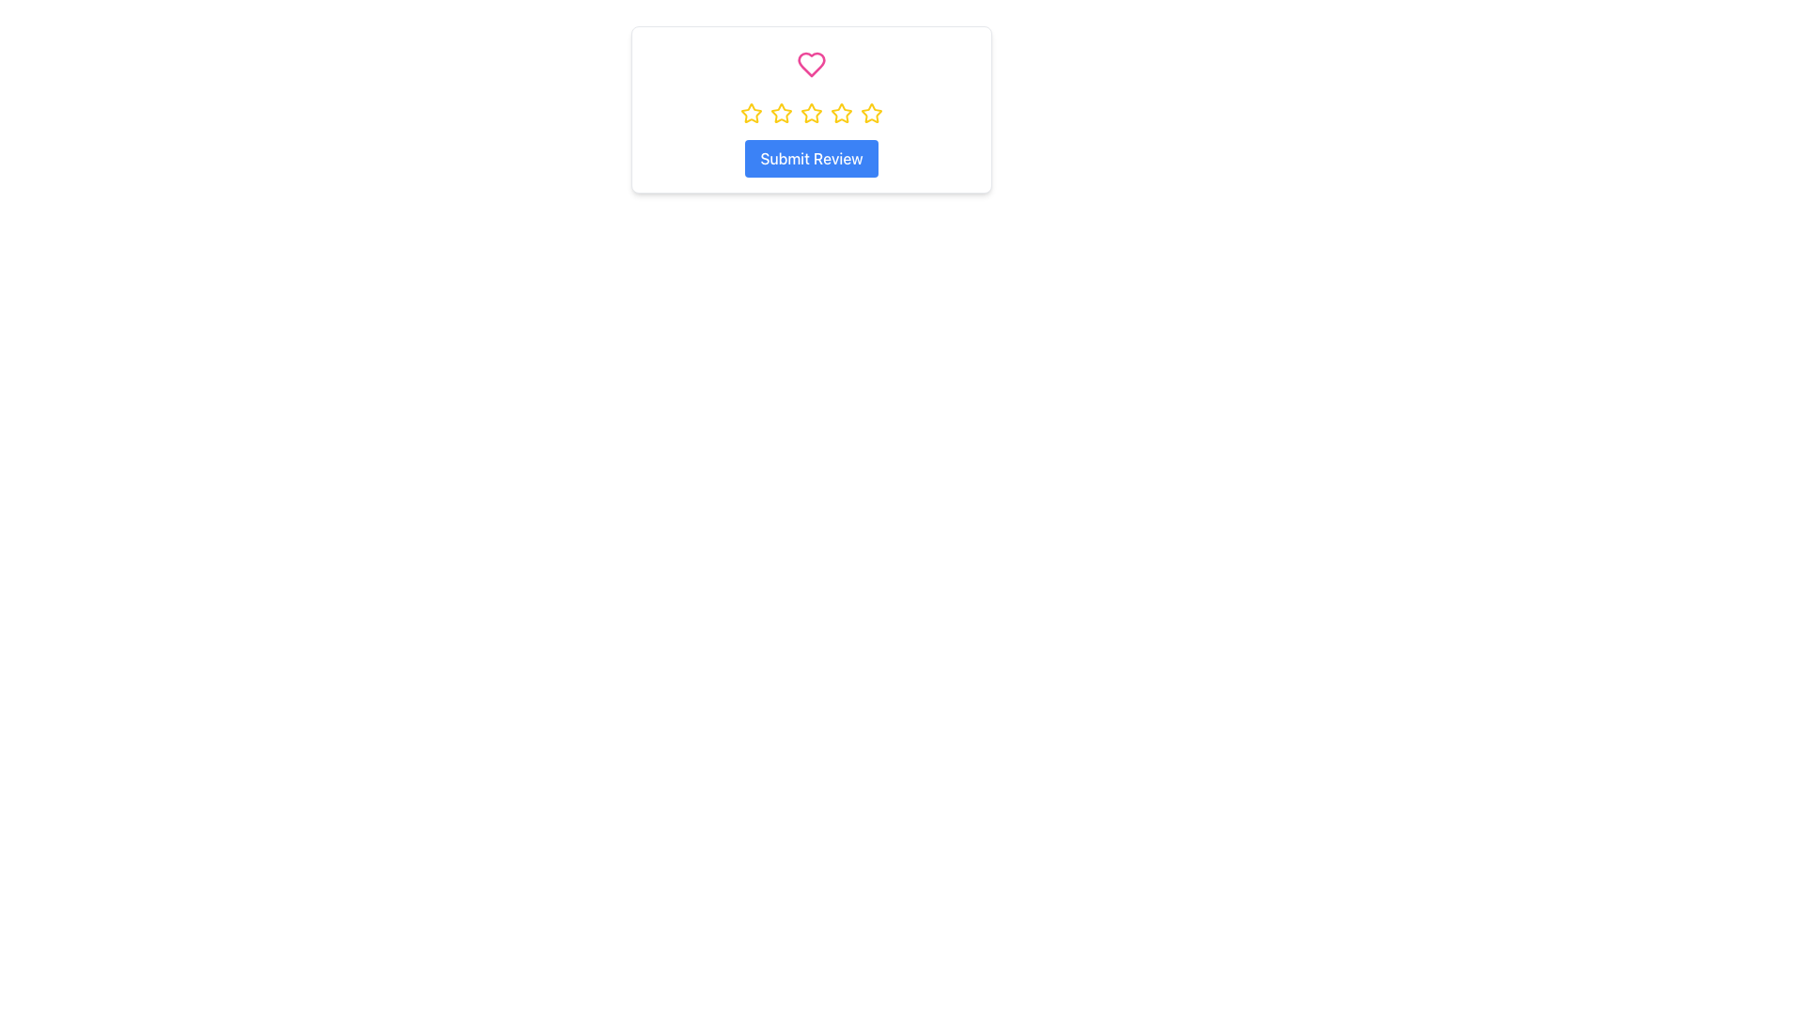  What do you see at coordinates (781, 113) in the screenshot?
I see `the third star icon in the rating system` at bounding box center [781, 113].